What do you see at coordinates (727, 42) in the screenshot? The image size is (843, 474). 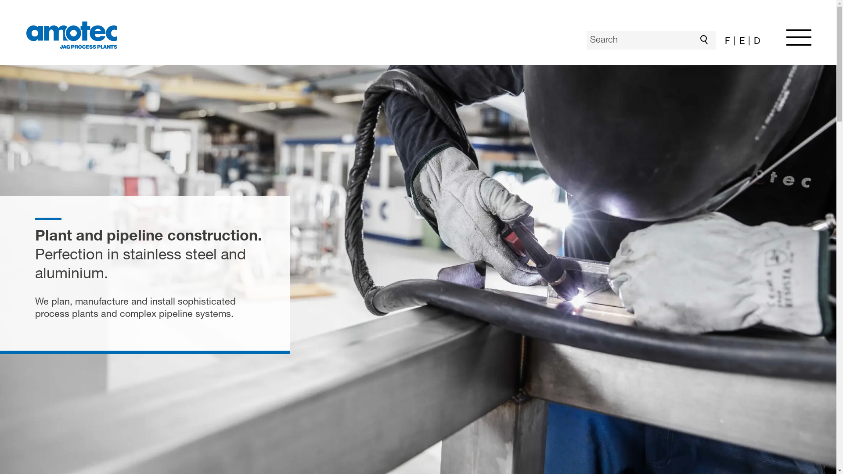 I see `'F'` at bounding box center [727, 42].